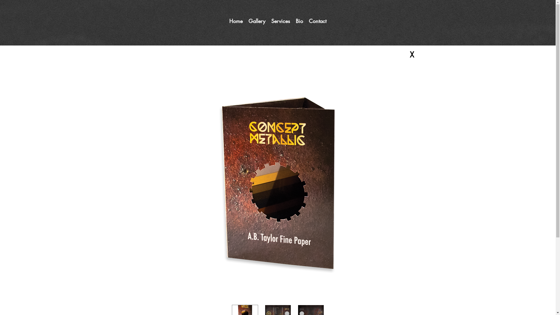 This screenshot has width=560, height=315. Describe the element at coordinates (317, 21) in the screenshot. I see `'Contact'` at that location.